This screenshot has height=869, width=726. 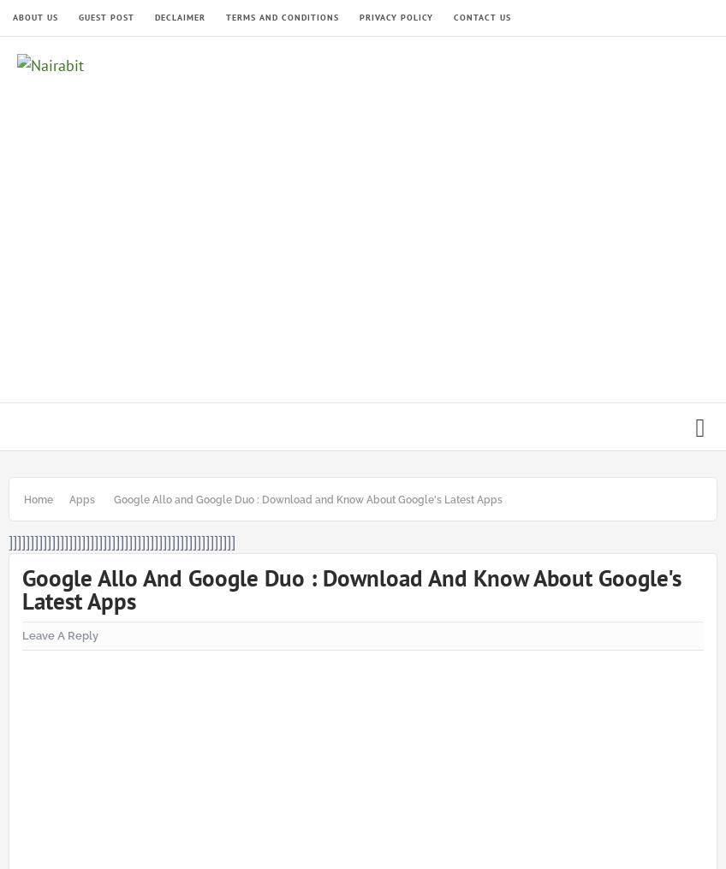 I want to click on 'About Us', so click(x=34, y=16).